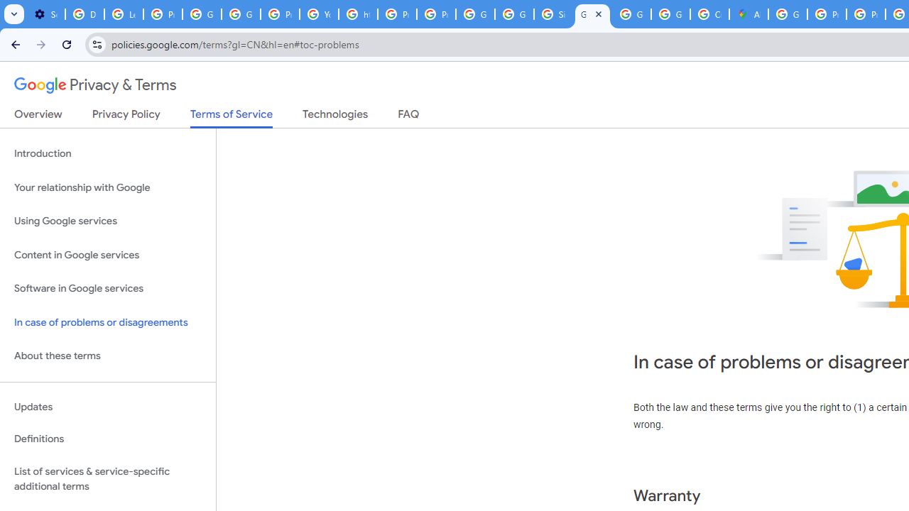 This screenshot has height=511, width=909. I want to click on 'Software in Google services', so click(107, 288).